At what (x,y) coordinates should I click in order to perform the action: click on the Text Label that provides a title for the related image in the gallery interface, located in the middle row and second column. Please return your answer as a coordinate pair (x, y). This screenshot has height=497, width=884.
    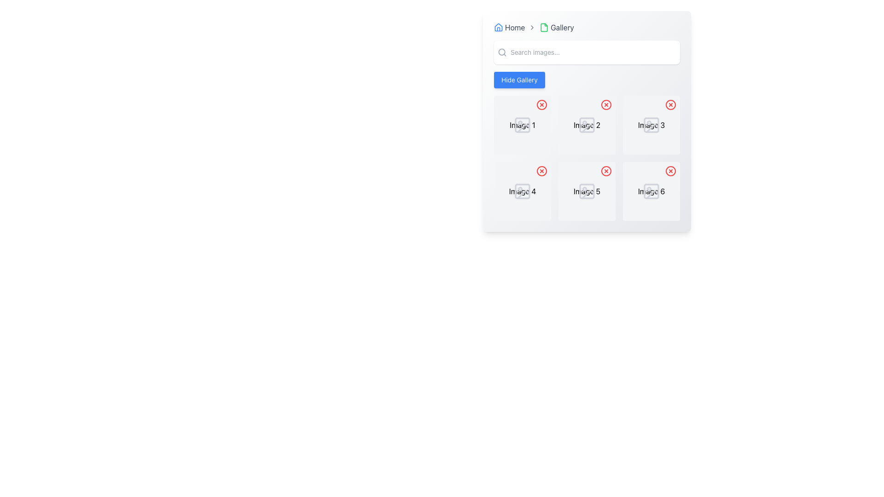
    Looking at the image, I should click on (587, 191).